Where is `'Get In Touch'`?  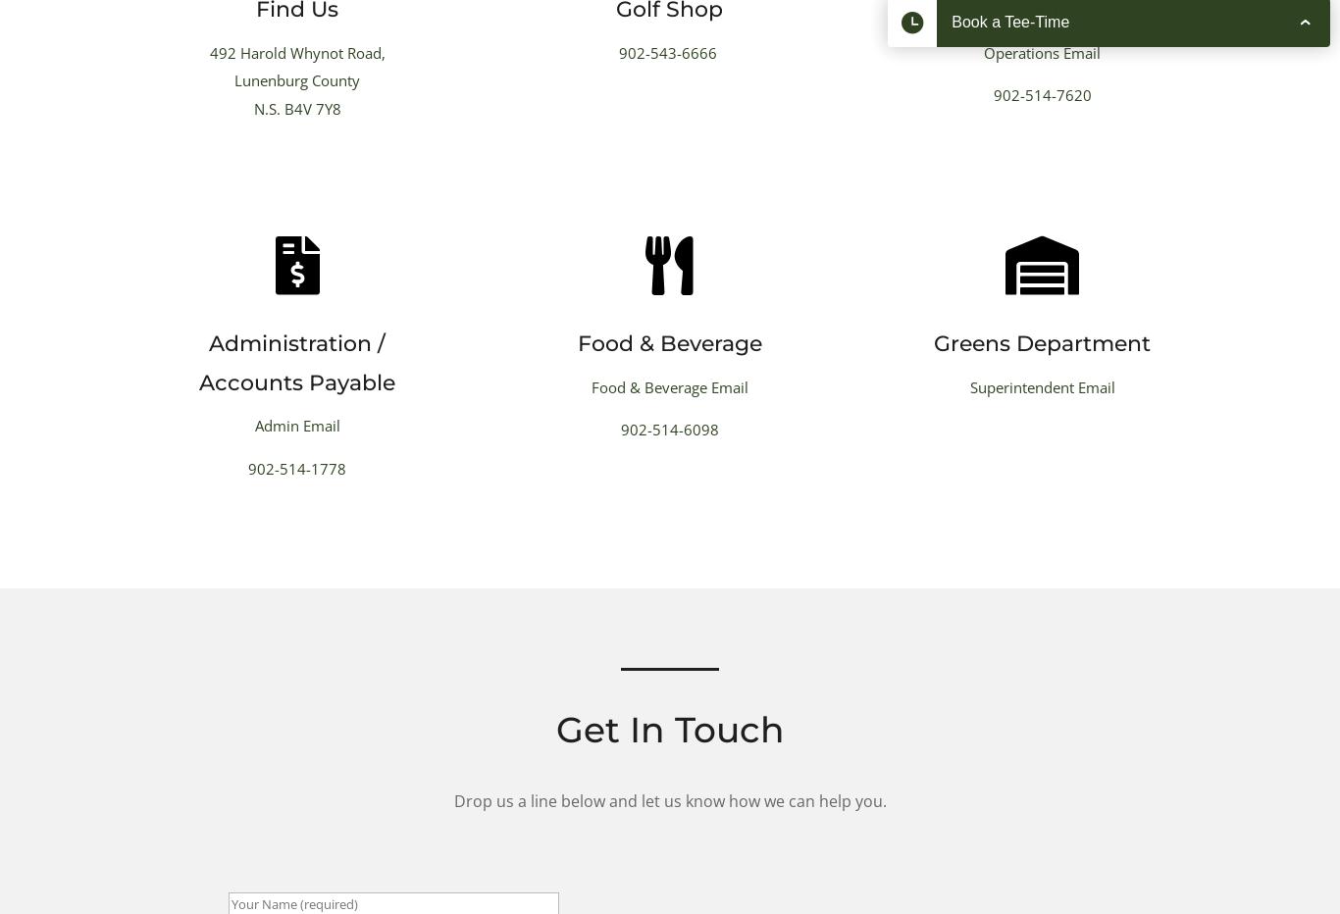
'Get In Touch' is located at coordinates (668, 729).